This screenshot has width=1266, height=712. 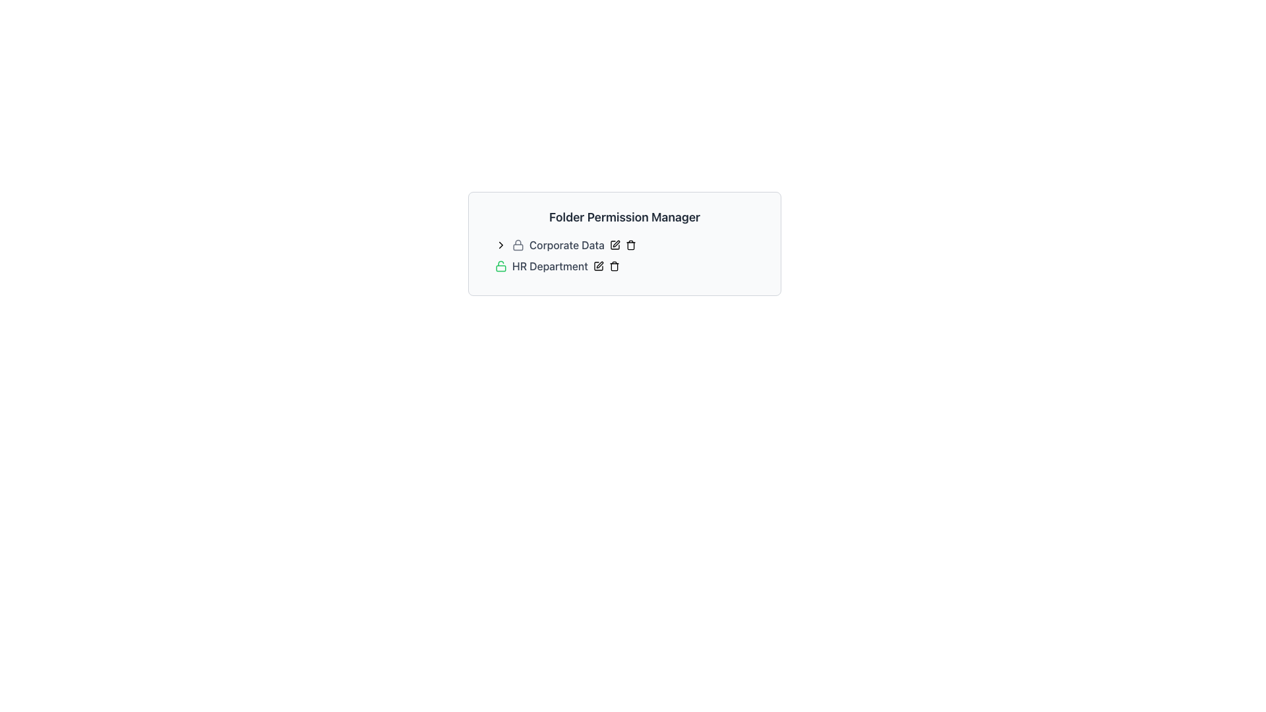 What do you see at coordinates (613, 267) in the screenshot?
I see `the rectangular trash bin icon located in the 'Folder Permission Manager' under the 'HR Department' section, which is the last icon in the second row` at bounding box center [613, 267].